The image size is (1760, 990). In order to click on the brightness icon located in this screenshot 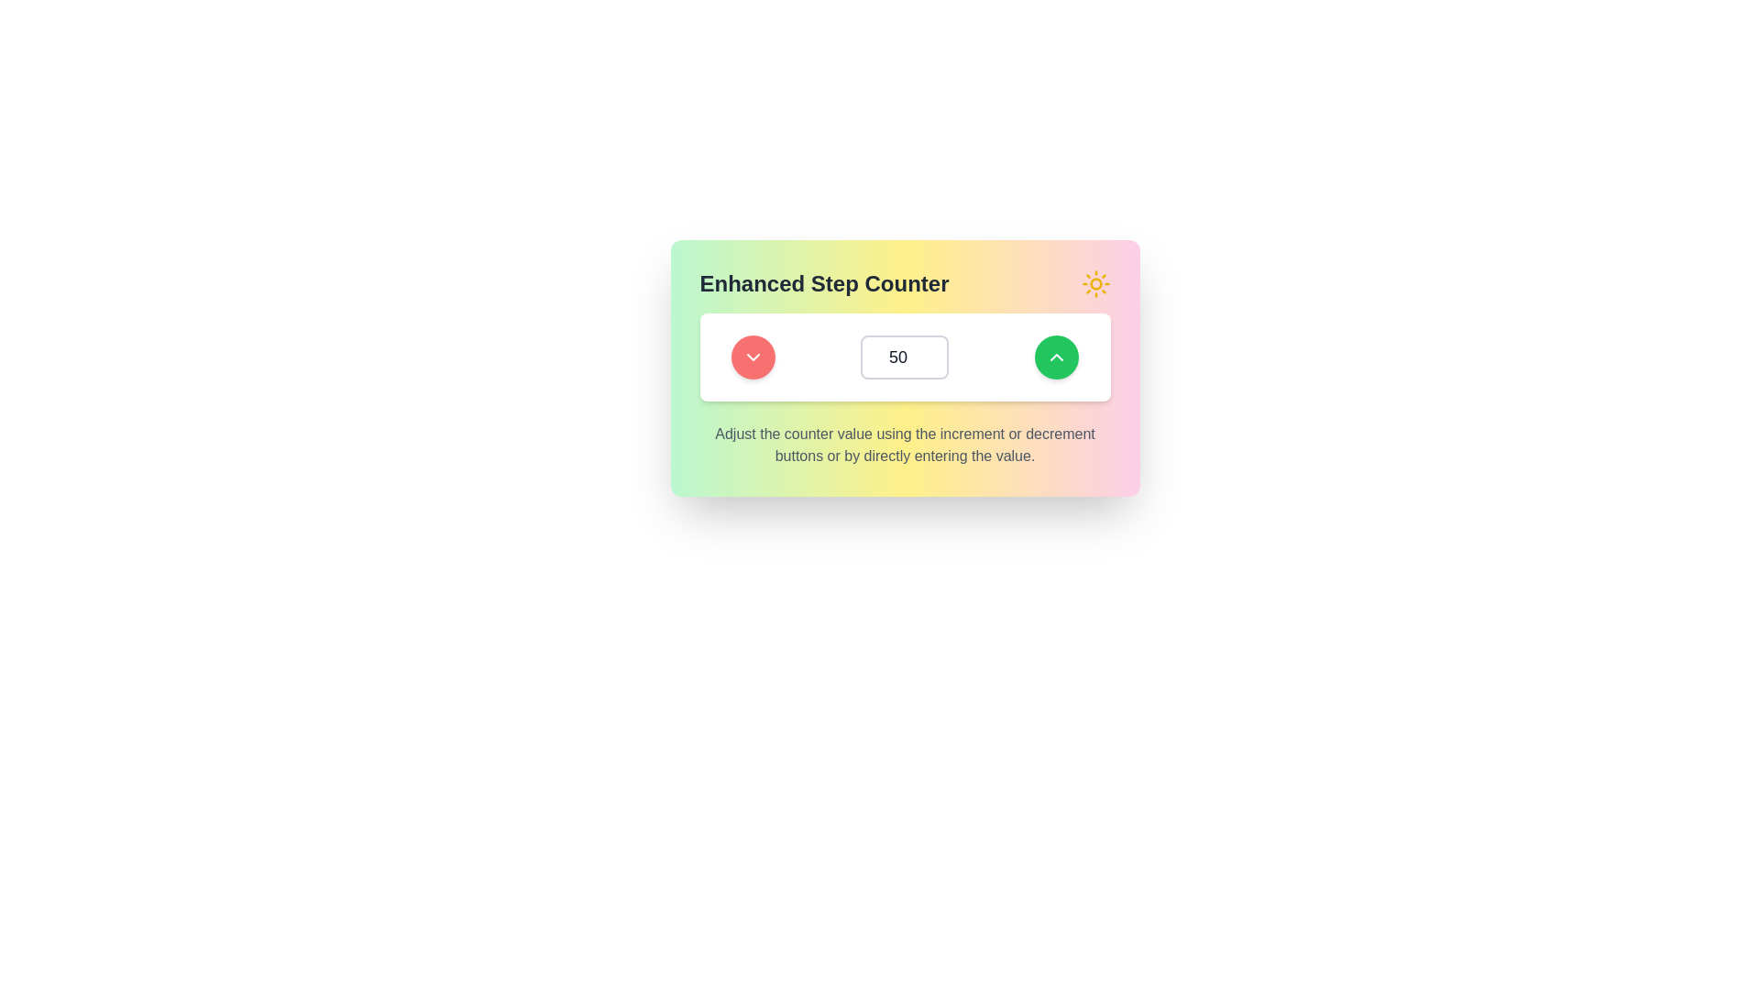, I will do `click(1095, 283)`.